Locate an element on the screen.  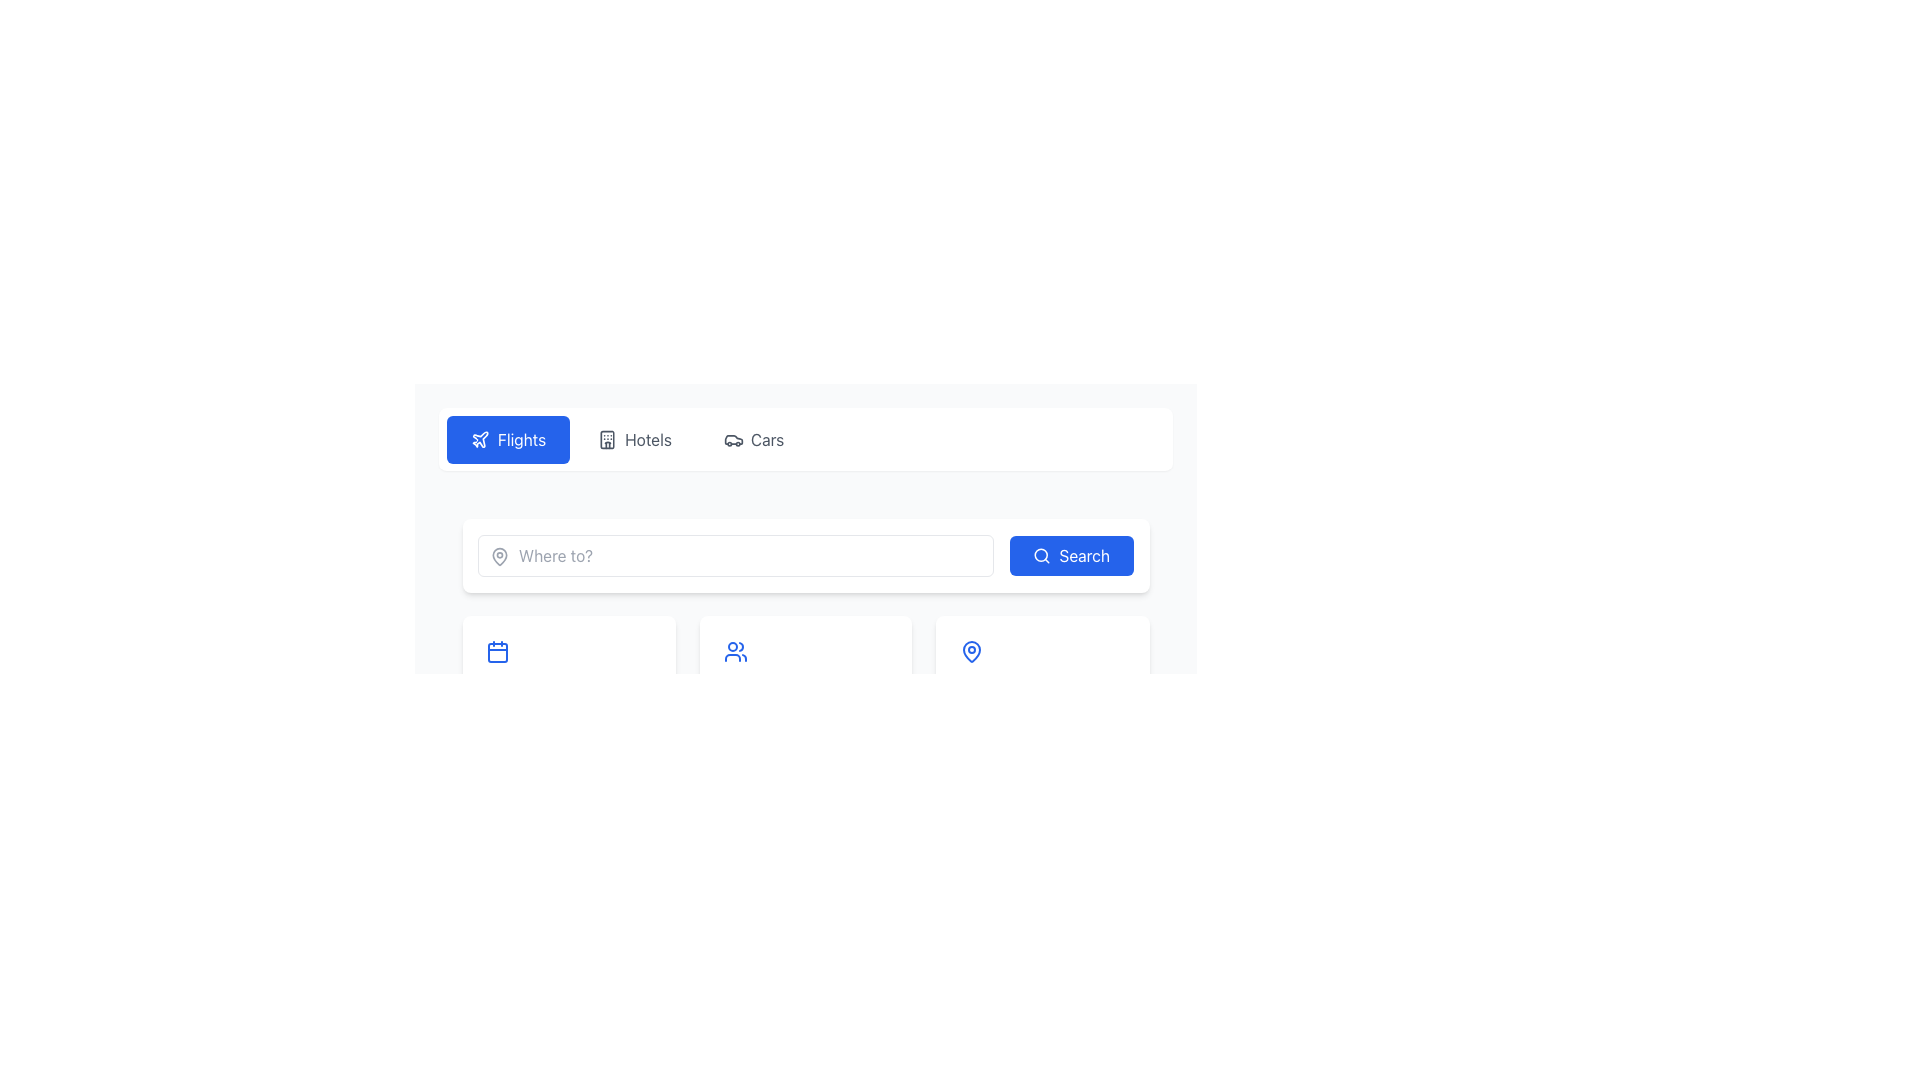
the navigation button for cars, located as the third item in the horizontal navigation bar is located at coordinates (752, 439).